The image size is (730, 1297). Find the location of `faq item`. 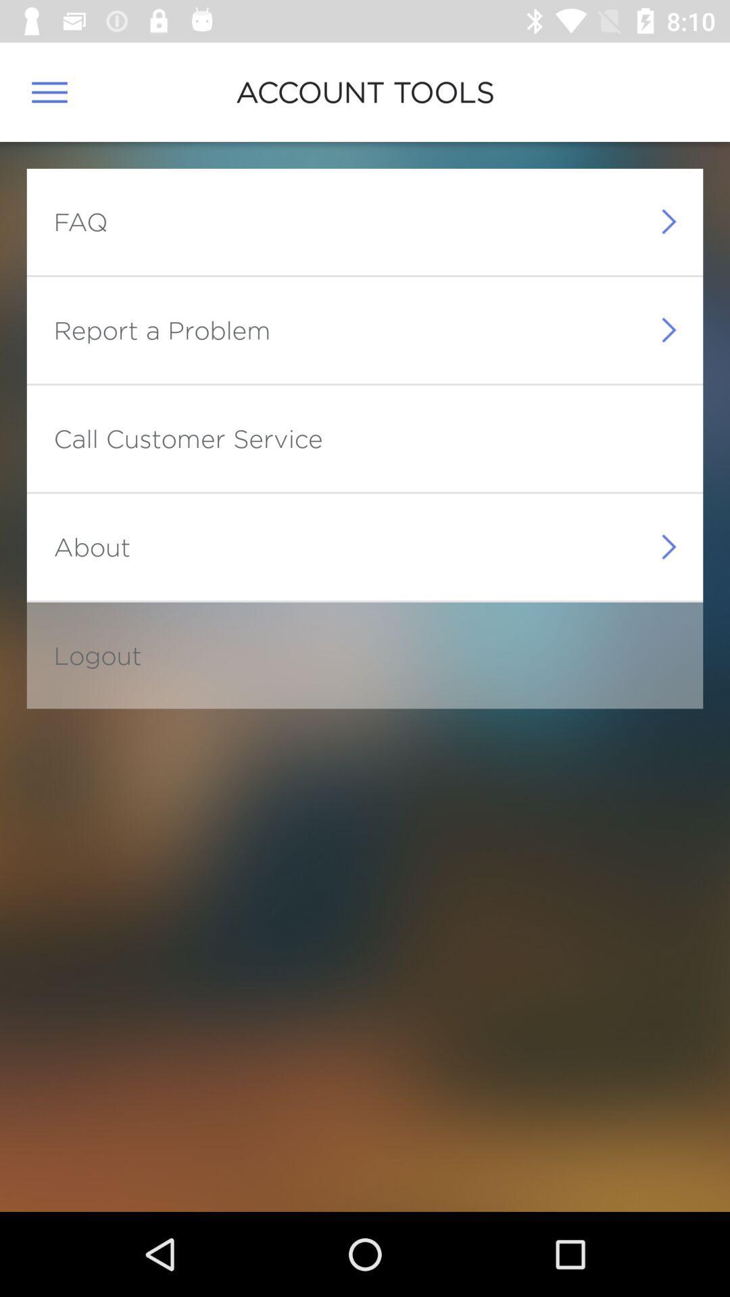

faq item is located at coordinates (80, 222).